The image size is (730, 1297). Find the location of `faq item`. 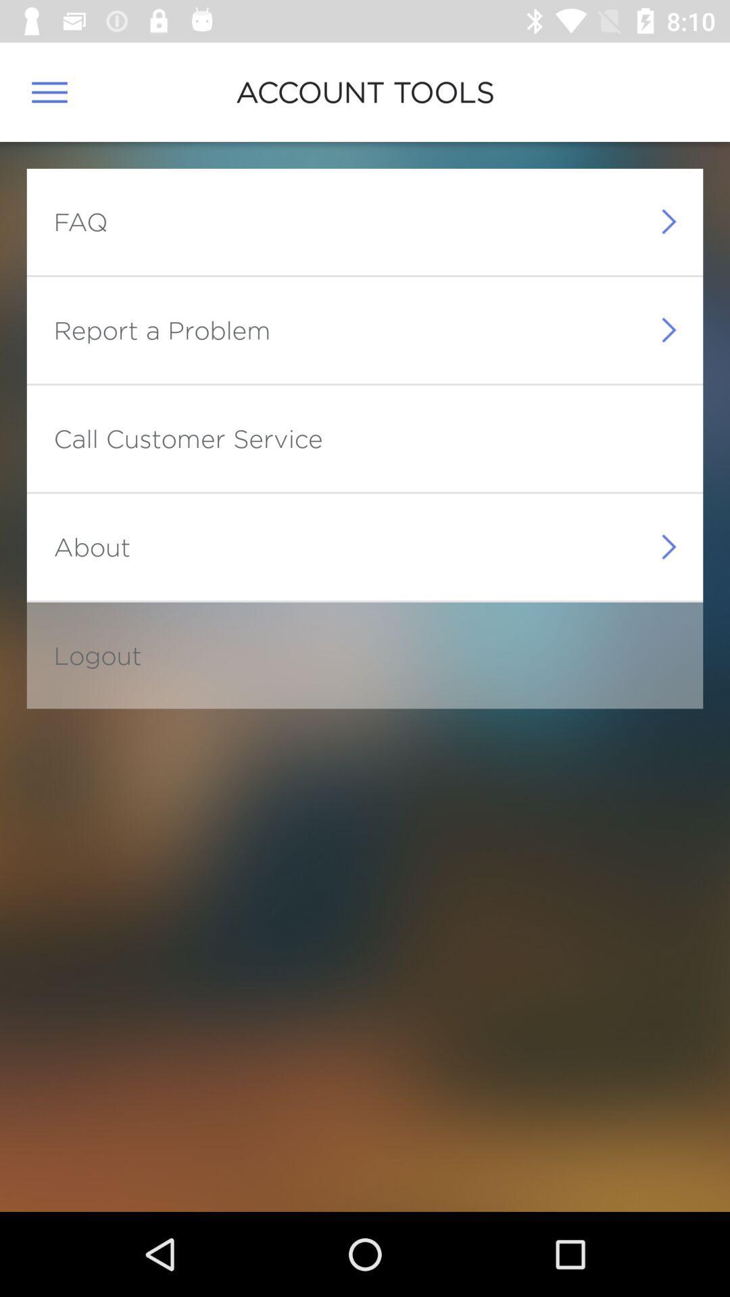

faq item is located at coordinates (80, 222).